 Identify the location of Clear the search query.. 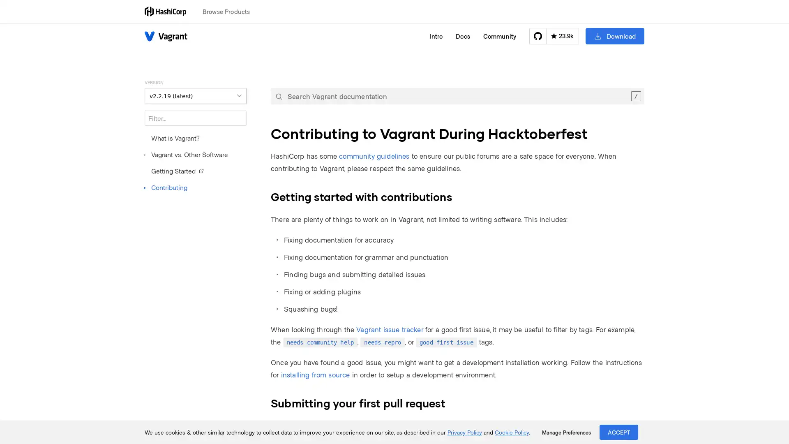
(635, 96).